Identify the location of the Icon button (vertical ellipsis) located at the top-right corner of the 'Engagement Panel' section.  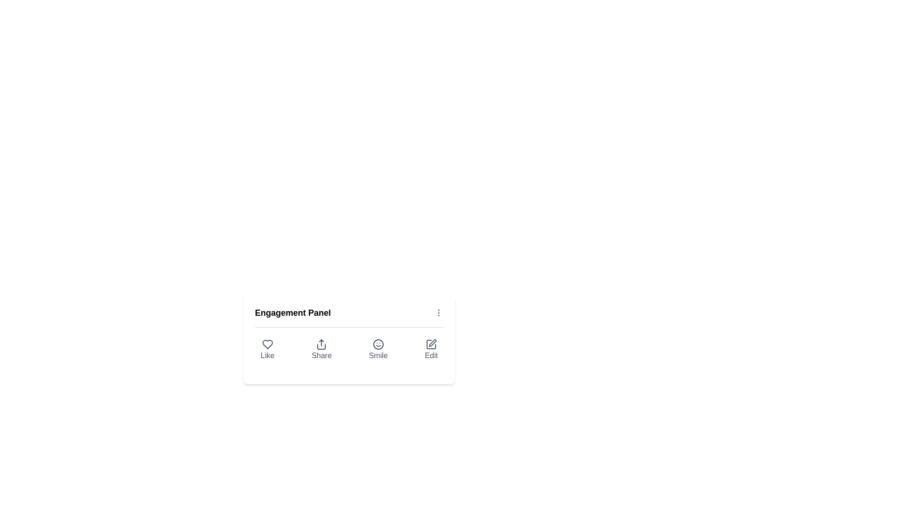
(438, 312).